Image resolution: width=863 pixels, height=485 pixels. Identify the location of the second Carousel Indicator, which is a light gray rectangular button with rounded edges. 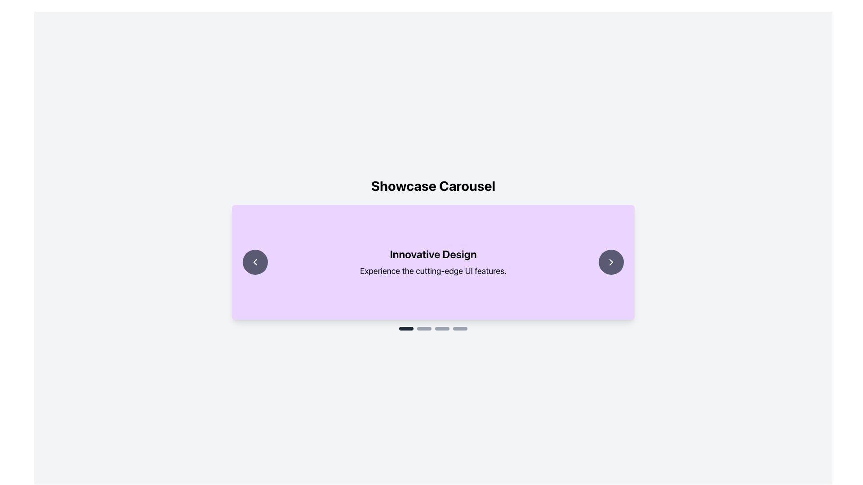
(424, 329).